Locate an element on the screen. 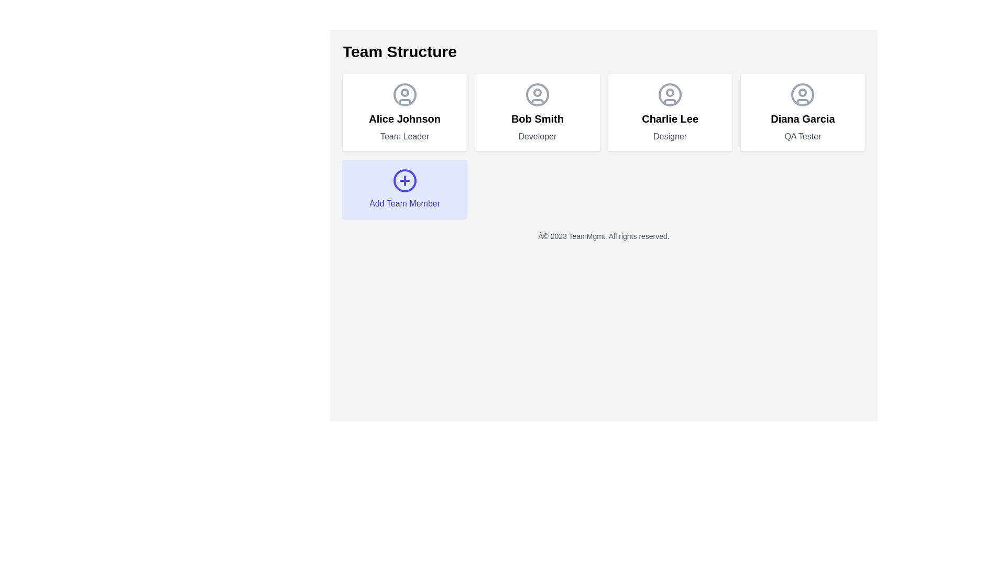  the second informational card component that provides an overview of the individual, including their name and role, situated between 'Alice Johnson' and 'Charlie Lee' in the grid layout is located at coordinates (537, 113).